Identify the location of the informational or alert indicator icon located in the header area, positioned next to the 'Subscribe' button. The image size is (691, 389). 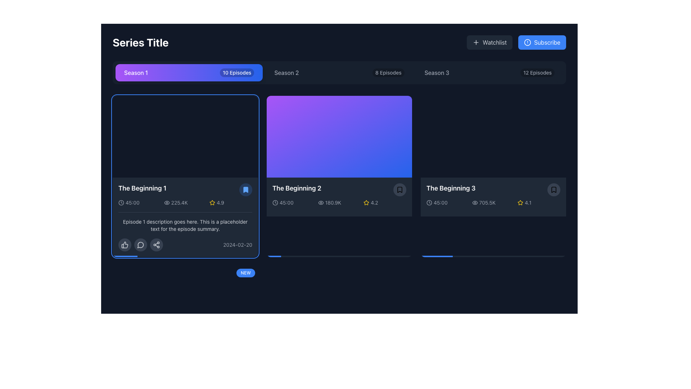
(528, 43).